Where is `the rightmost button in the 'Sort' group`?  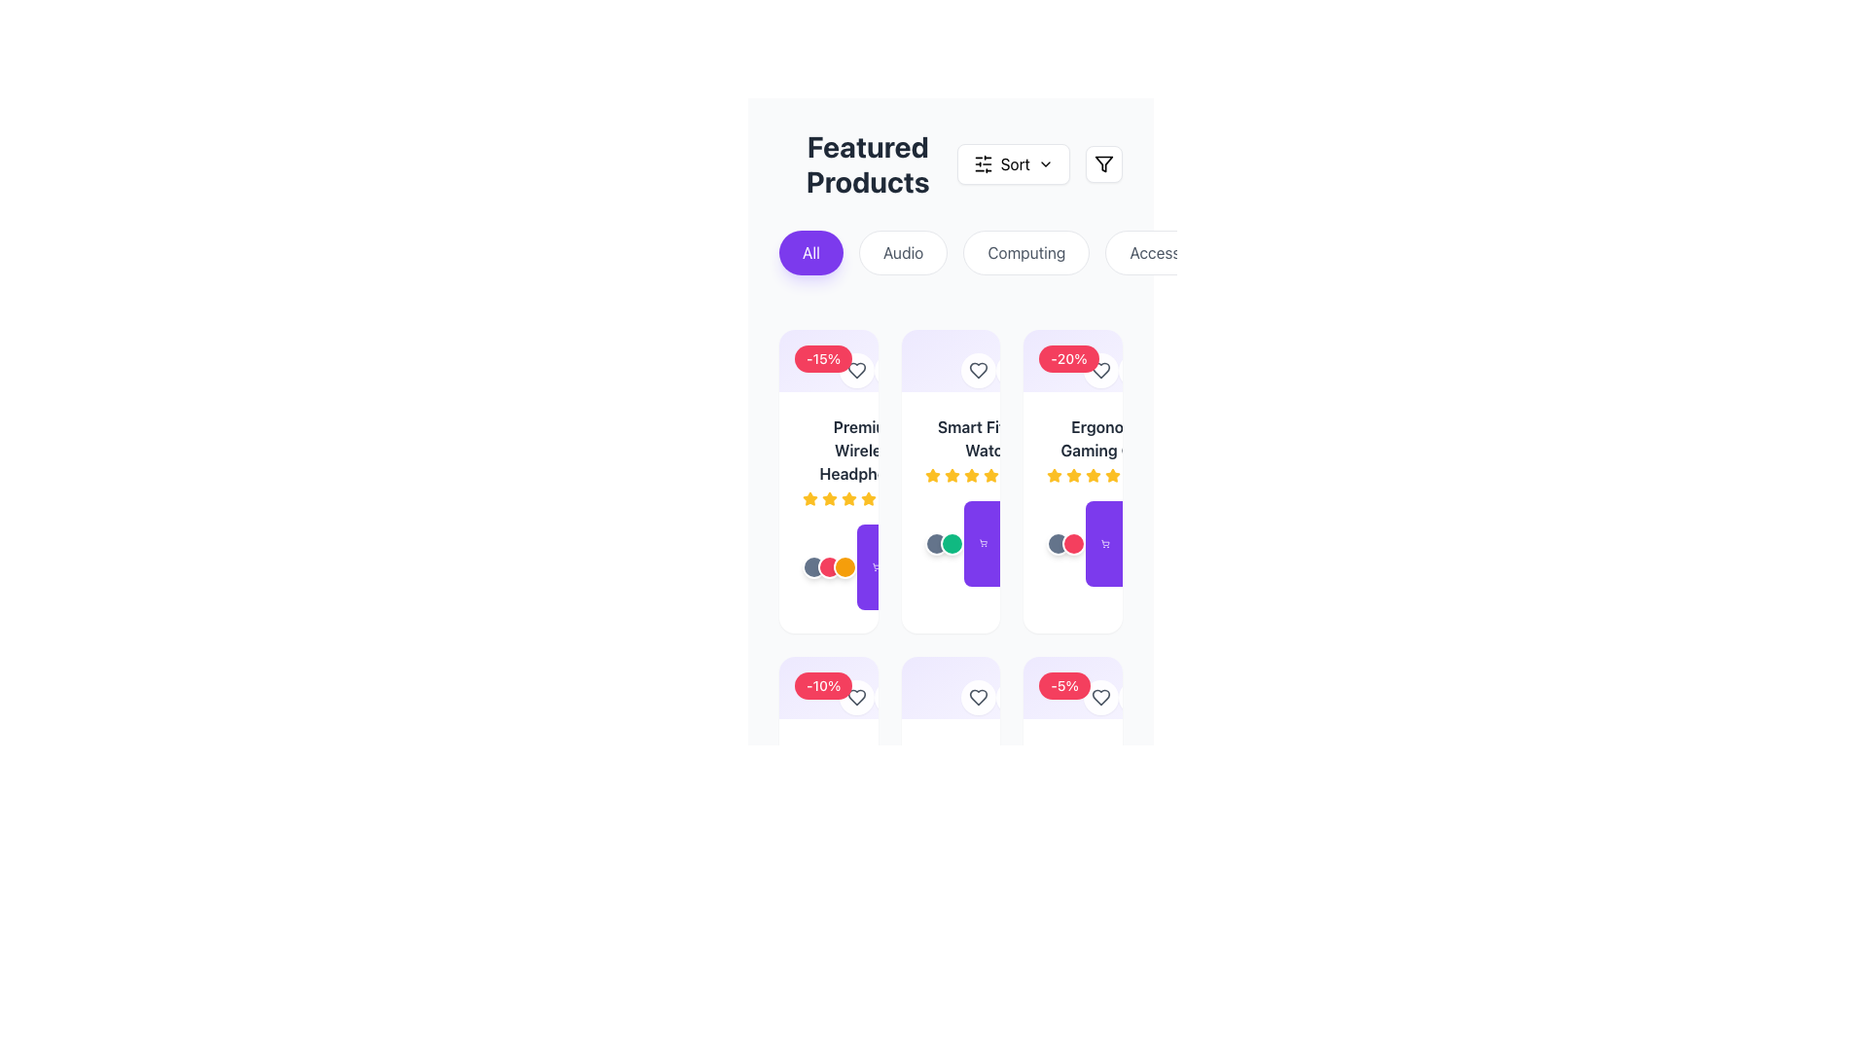
the rightmost button in the 'Sort' group is located at coordinates (1103, 163).